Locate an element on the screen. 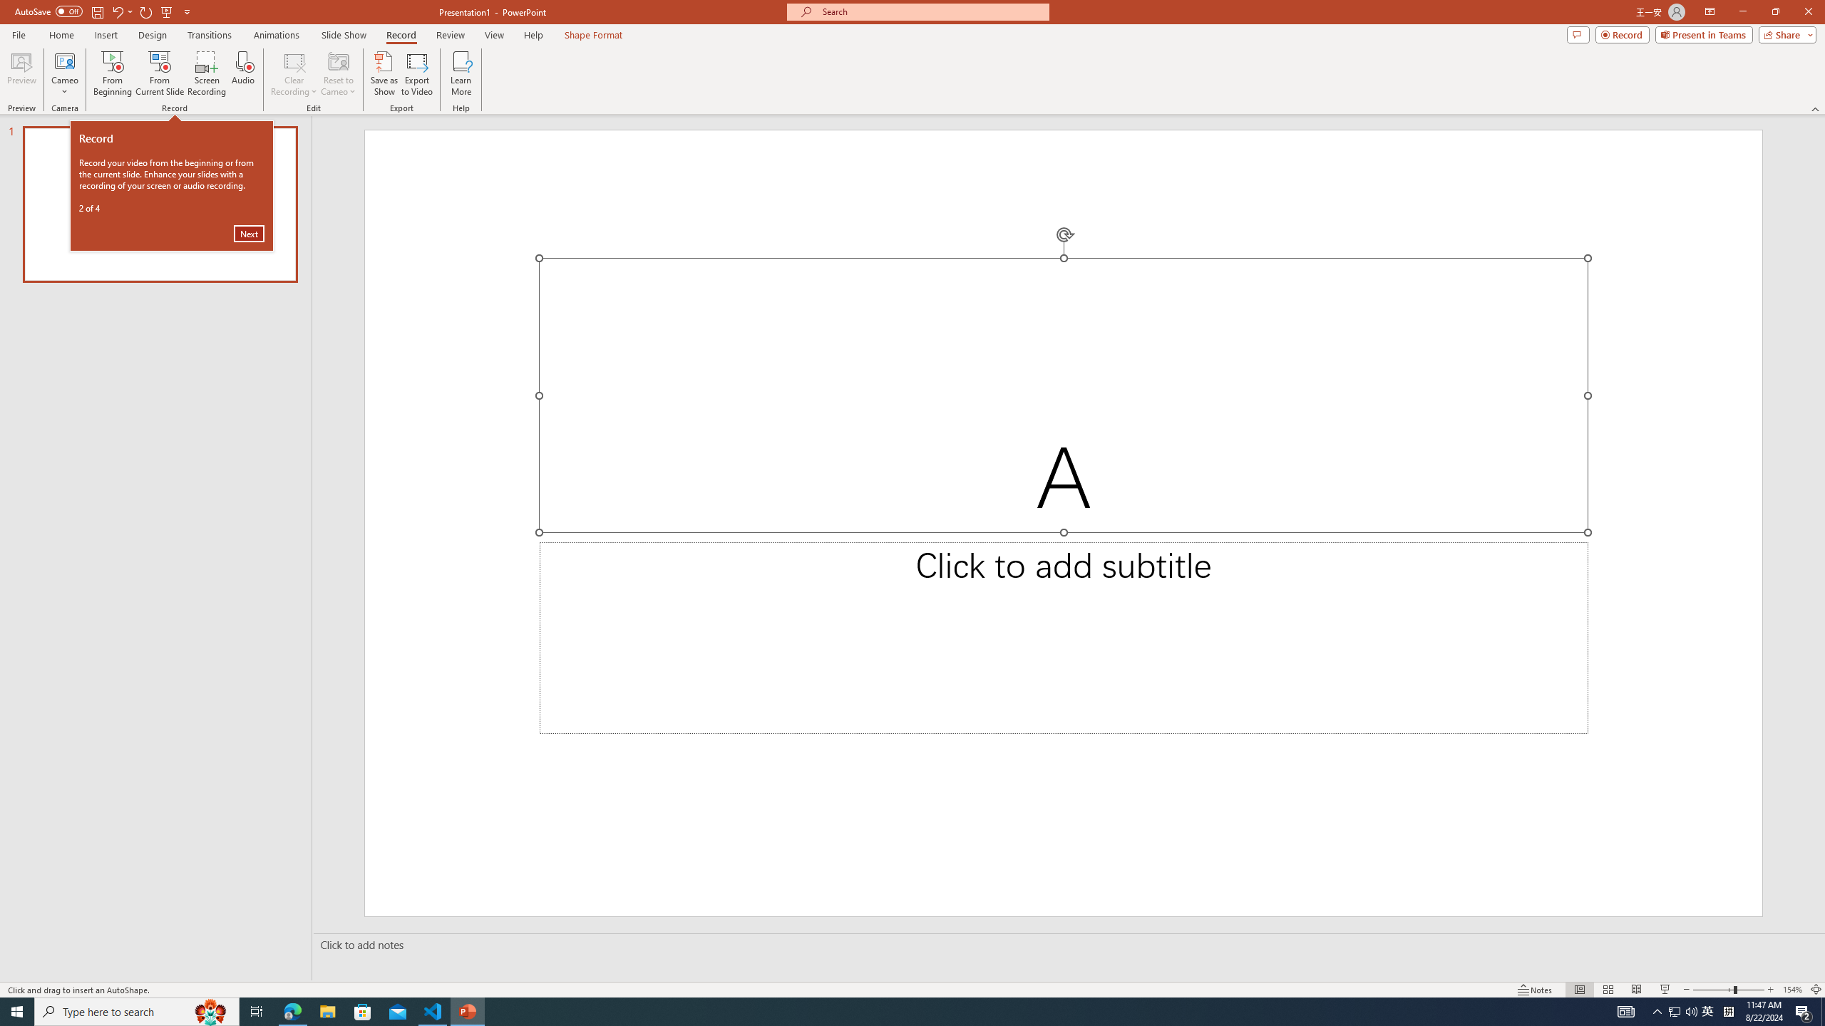  'Next' is located at coordinates (248, 232).